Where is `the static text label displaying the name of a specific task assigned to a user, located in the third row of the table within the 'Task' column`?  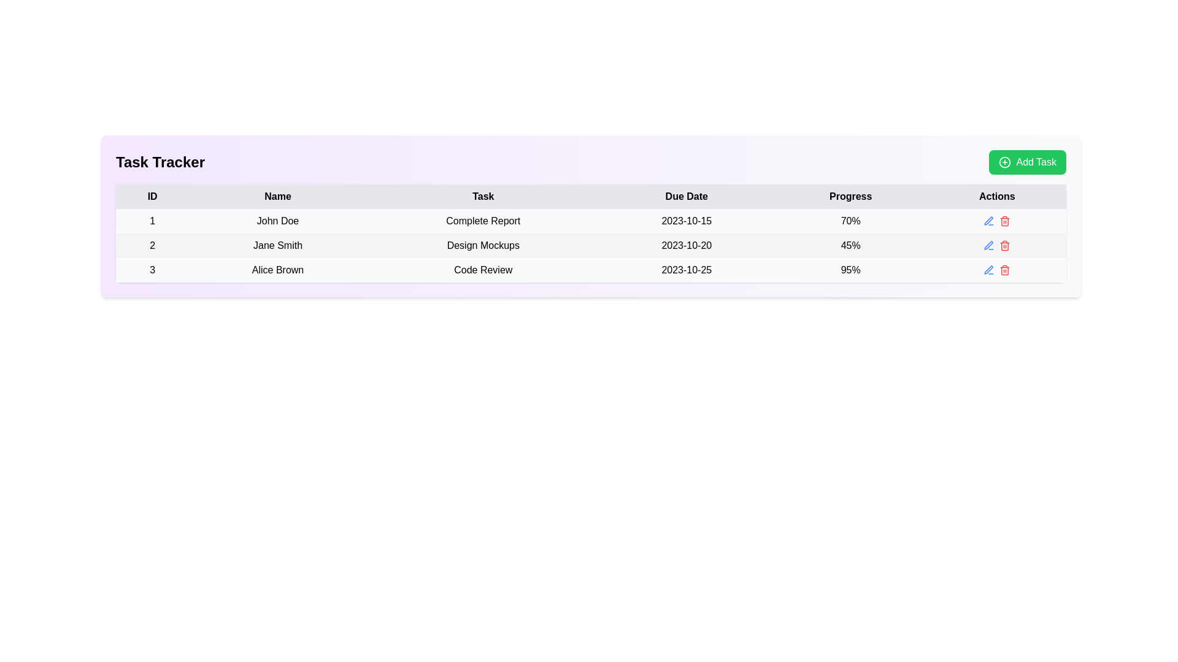 the static text label displaying the name of a specific task assigned to a user, located in the third row of the table within the 'Task' column is located at coordinates (482, 269).